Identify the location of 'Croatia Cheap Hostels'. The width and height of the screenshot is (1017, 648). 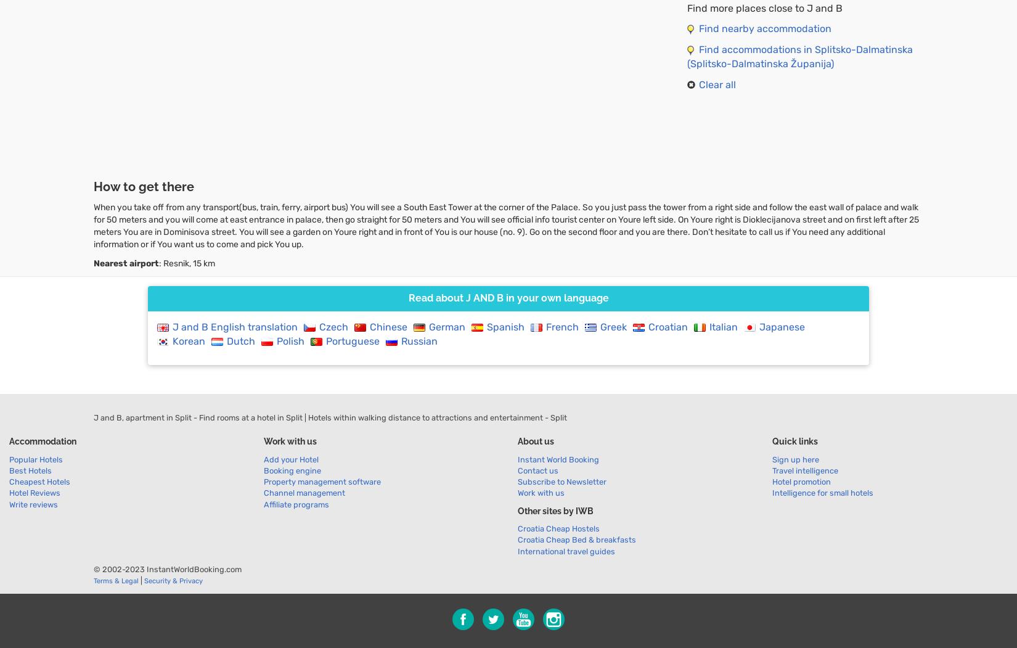
(558, 528).